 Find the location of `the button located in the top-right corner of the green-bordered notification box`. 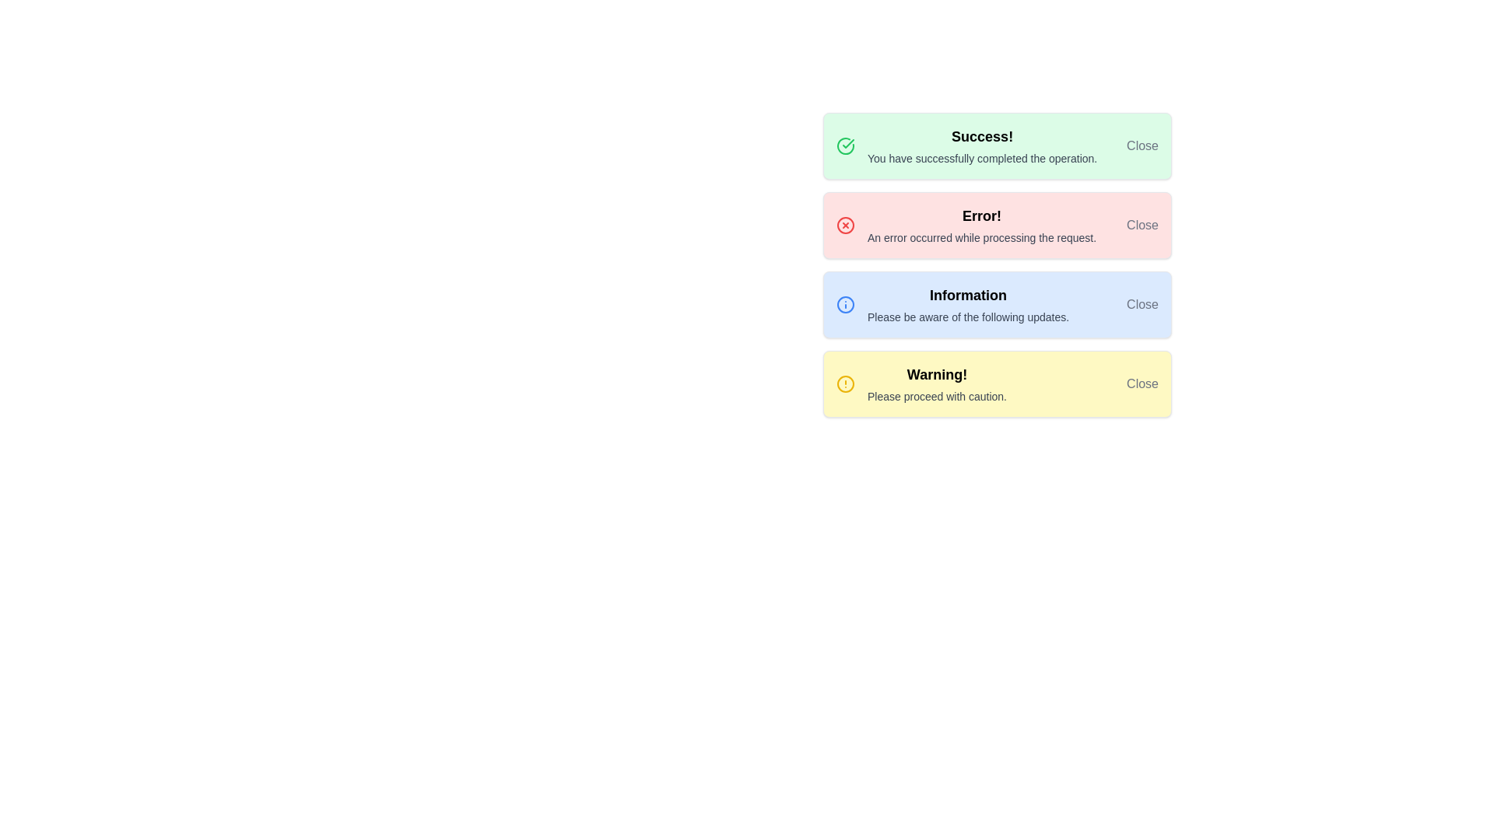

the button located in the top-right corner of the green-bordered notification box is located at coordinates (1142, 146).